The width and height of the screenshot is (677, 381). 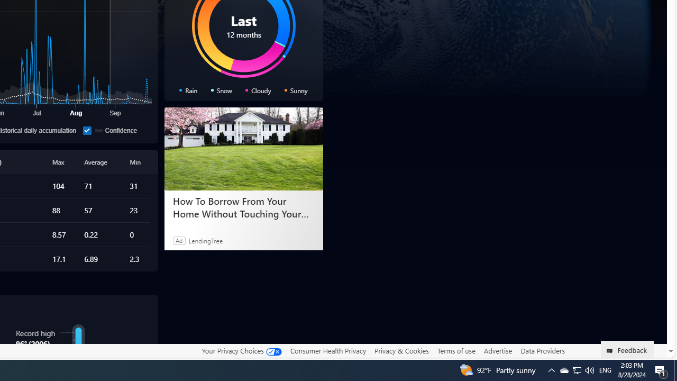 What do you see at coordinates (205, 240) in the screenshot?
I see `'LendingTree'` at bounding box center [205, 240].